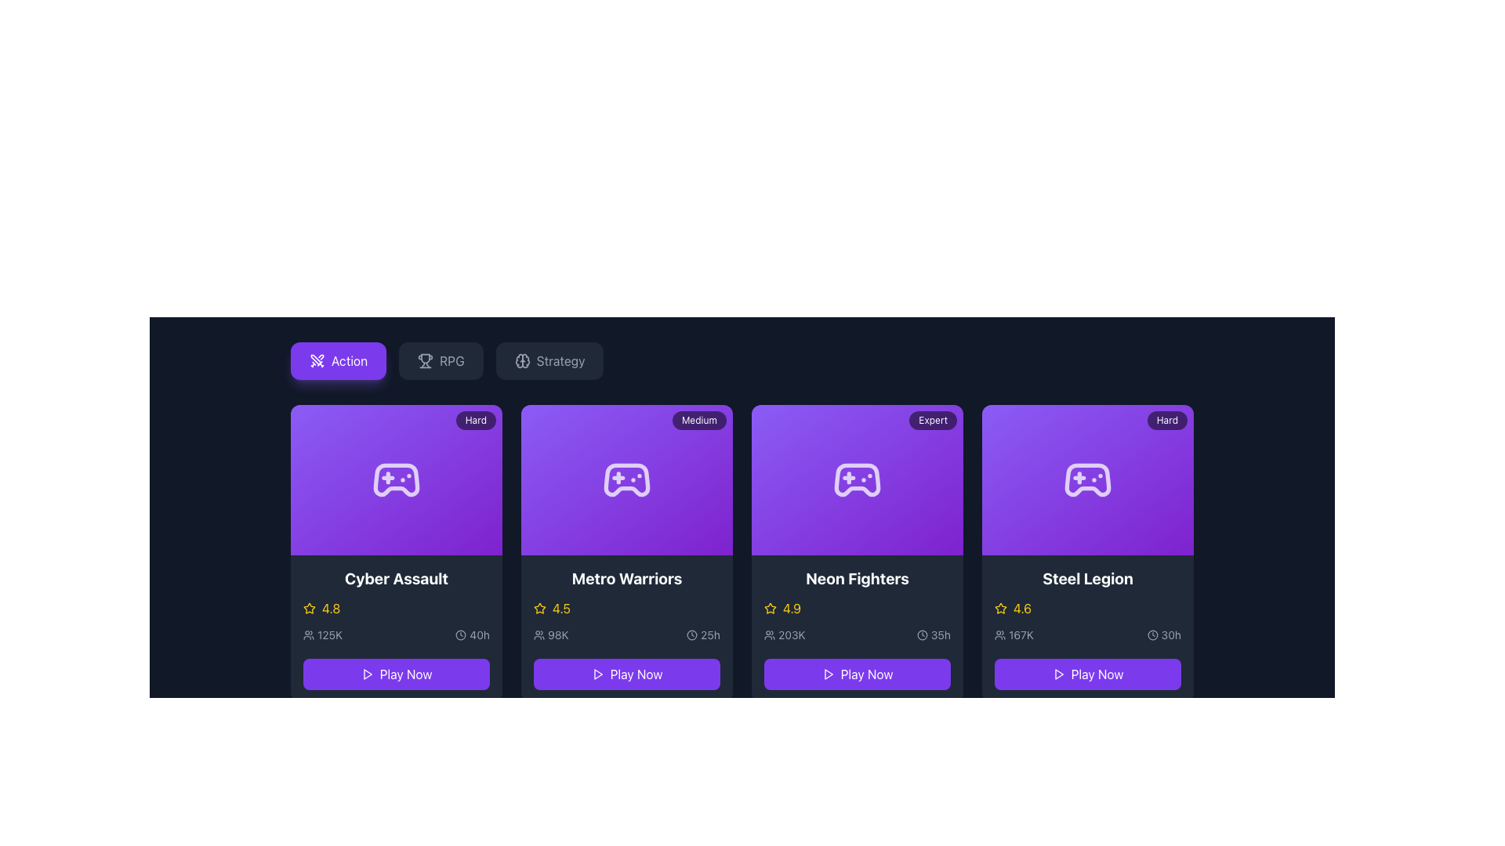 Image resolution: width=1505 pixels, height=846 pixels. What do you see at coordinates (396, 670) in the screenshot?
I see `the interactive 'Play Now' button with a vibrant violet background, located at the bottom of the 'Cyber Assault' card, to observe a visual response` at bounding box center [396, 670].